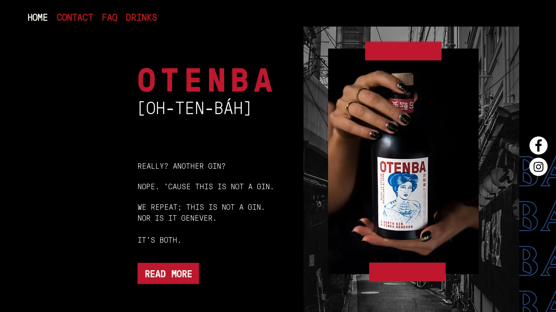 The image size is (556, 312). Describe the element at coordinates (250, 161) in the screenshot. I see `YES` at that location.